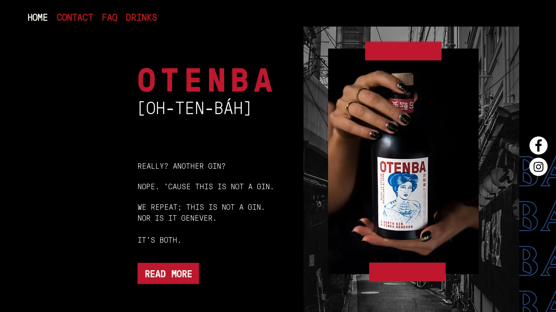 The image size is (556, 312). Describe the element at coordinates (250, 161) in the screenshot. I see `YES` at that location.